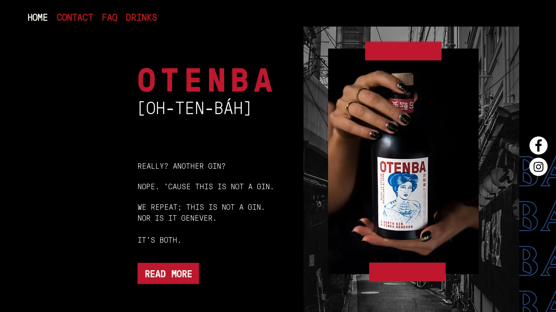 The image size is (556, 312). Describe the element at coordinates (250, 161) in the screenshot. I see `YES` at that location.